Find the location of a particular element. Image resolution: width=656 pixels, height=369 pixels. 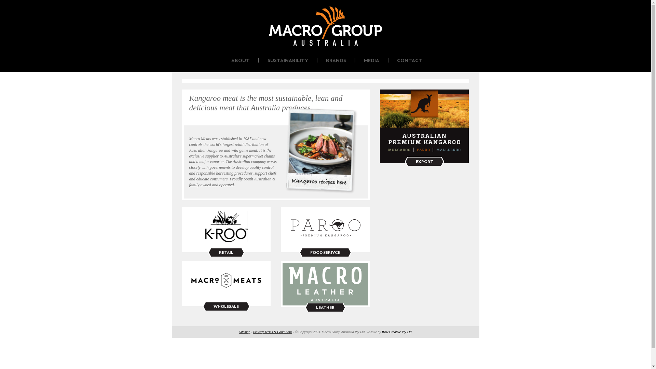

'Privacy Terms & Conditions' is located at coordinates (272, 331).